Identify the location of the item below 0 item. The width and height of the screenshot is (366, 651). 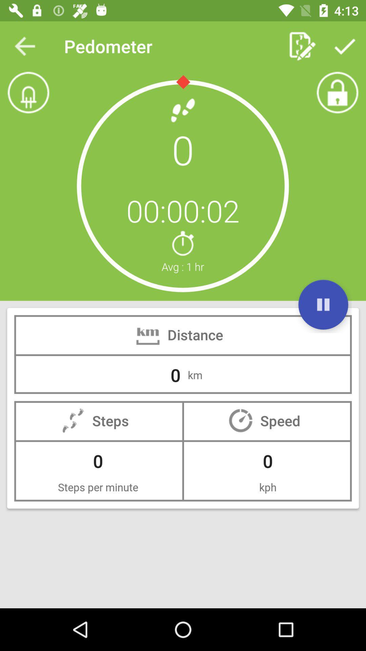
(323, 304).